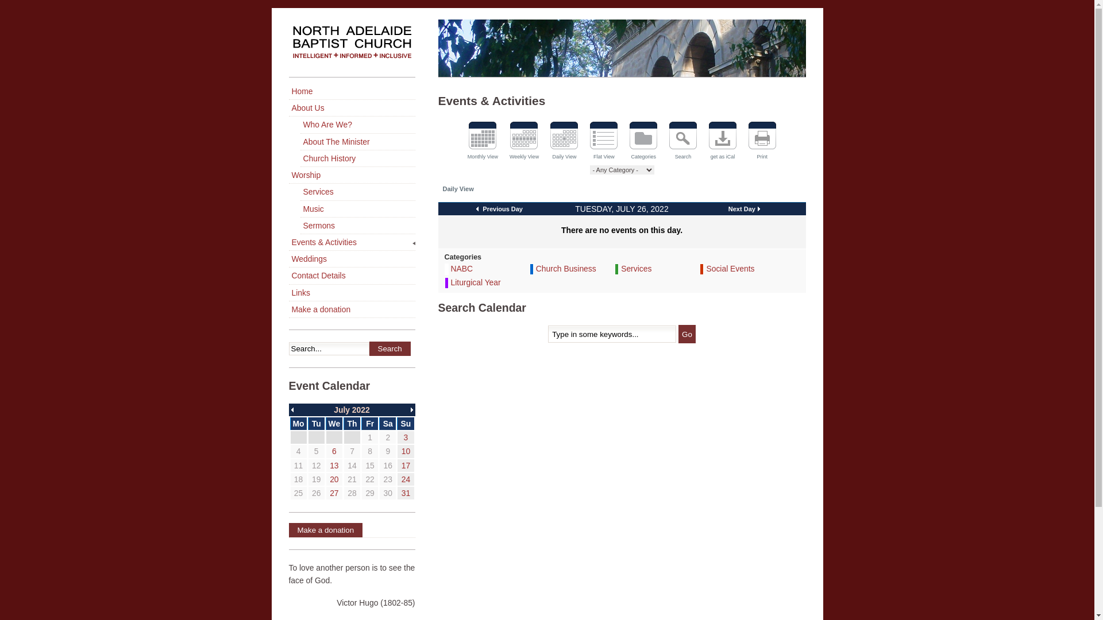 The height and width of the screenshot is (620, 1103). What do you see at coordinates (499, 208) in the screenshot?
I see `'Previous Day'` at bounding box center [499, 208].